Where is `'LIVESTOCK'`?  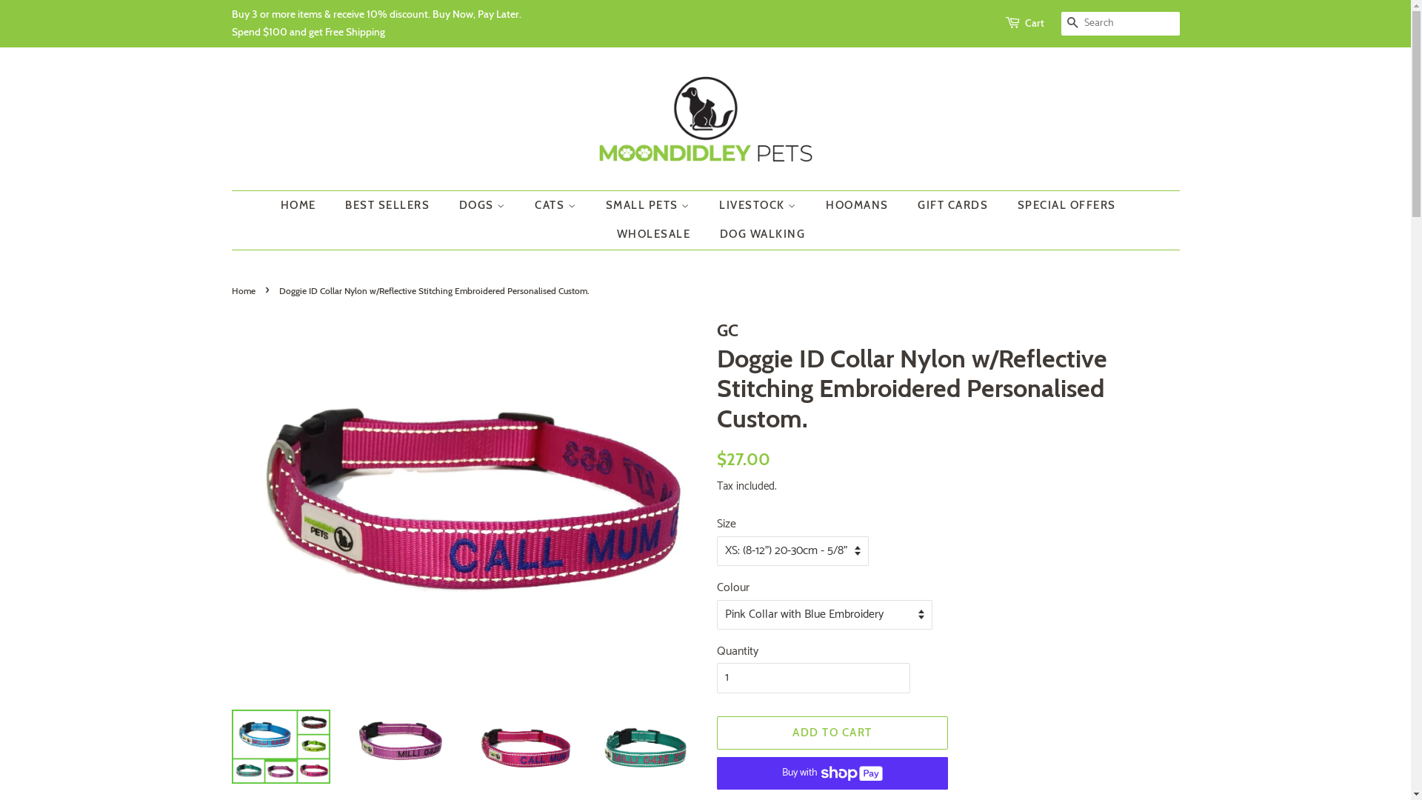
'LIVESTOCK' is located at coordinates (760, 205).